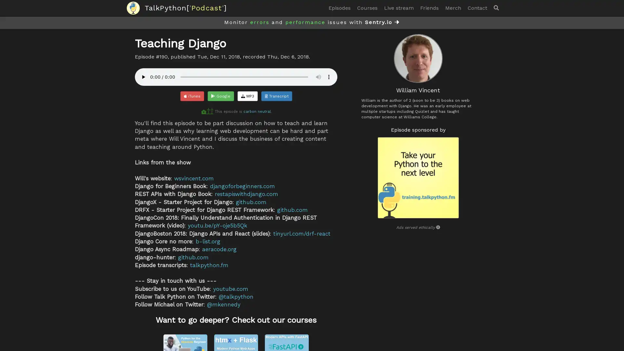  I want to click on mute, so click(318, 76).